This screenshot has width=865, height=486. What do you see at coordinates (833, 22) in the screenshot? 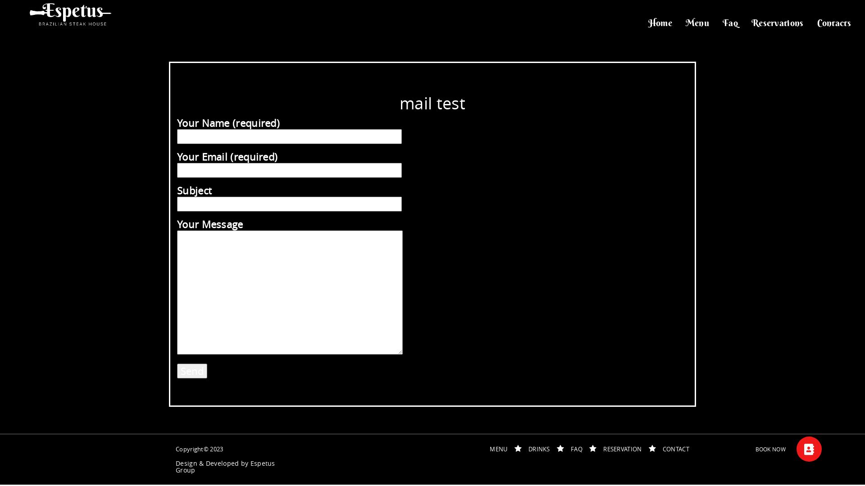
I see `'Contacts'` at bounding box center [833, 22].